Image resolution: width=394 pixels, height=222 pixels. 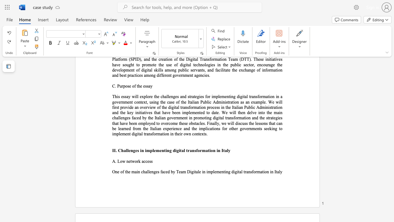 I want to click on the space between the continuous character "p" and "l" in the text, so click(x=213, y=172).